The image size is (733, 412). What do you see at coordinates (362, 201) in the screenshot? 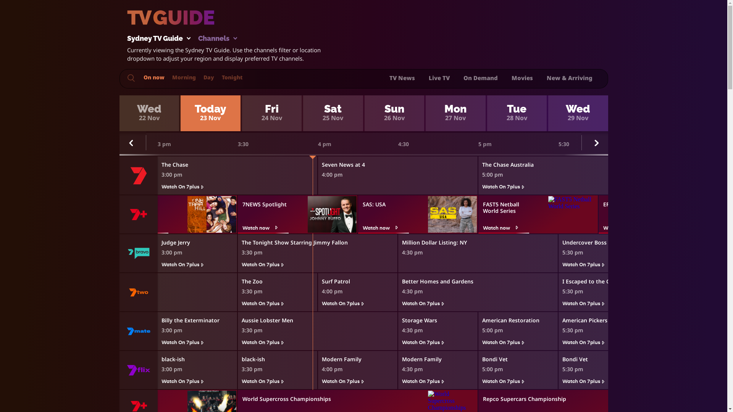
I see `'SAS: USA'` at bounding box center [362, 201].